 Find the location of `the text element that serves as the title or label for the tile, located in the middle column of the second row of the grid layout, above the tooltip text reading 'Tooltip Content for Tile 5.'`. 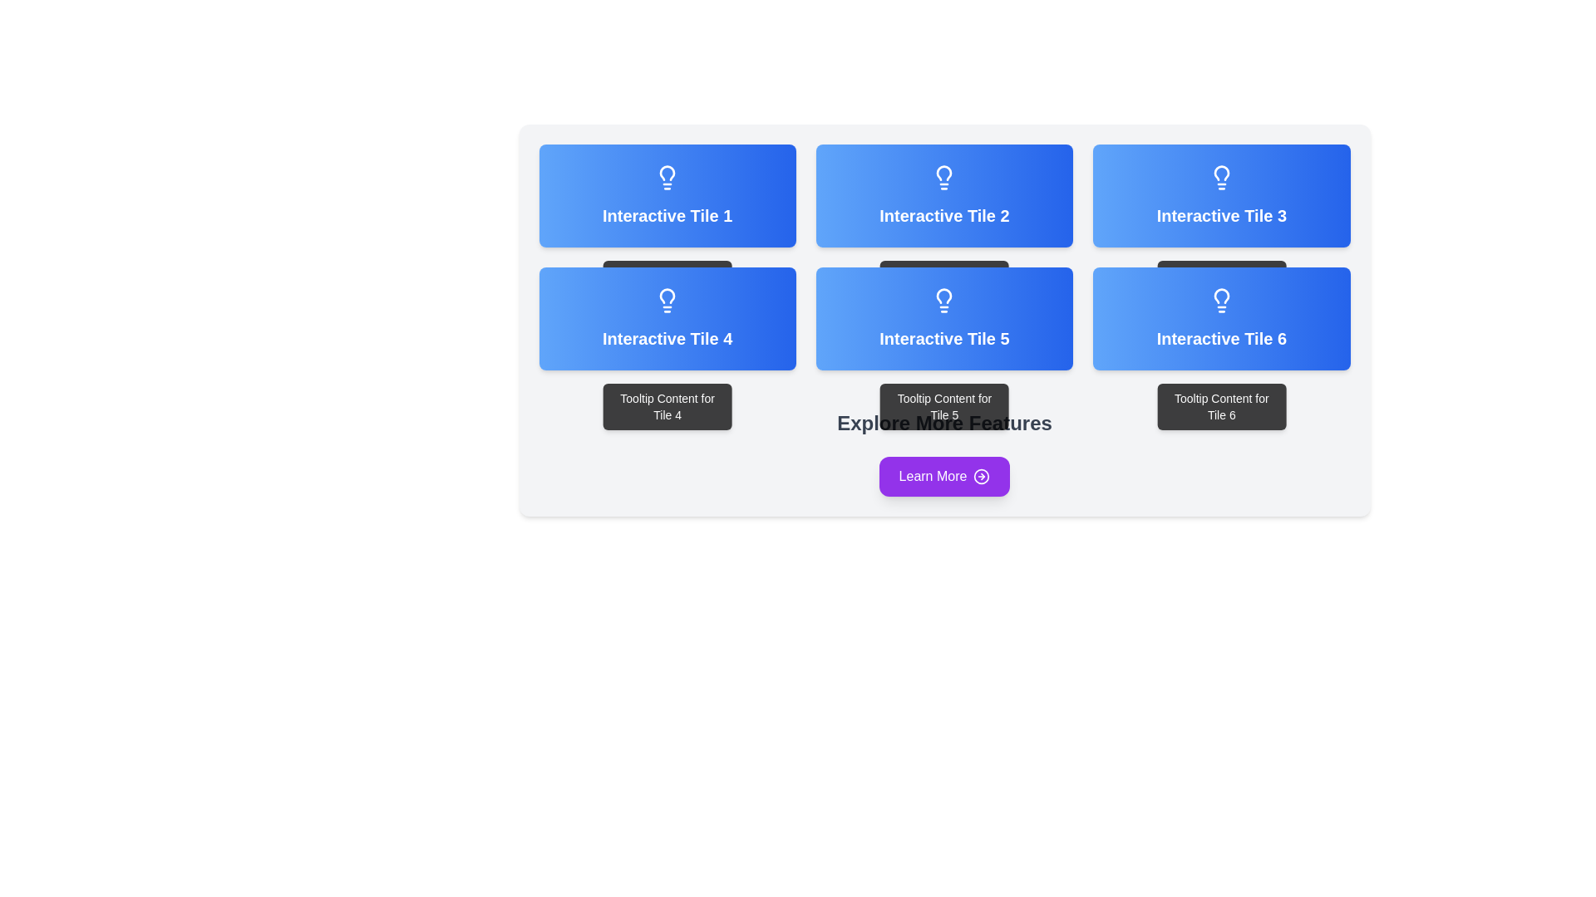

the text element that serves as the title or label for the tile, located in the middle column of the second row of the grid layout, above the tooltip text reading 'Tooltip Content for Tile 5.' is located at coordinates (944, 338).